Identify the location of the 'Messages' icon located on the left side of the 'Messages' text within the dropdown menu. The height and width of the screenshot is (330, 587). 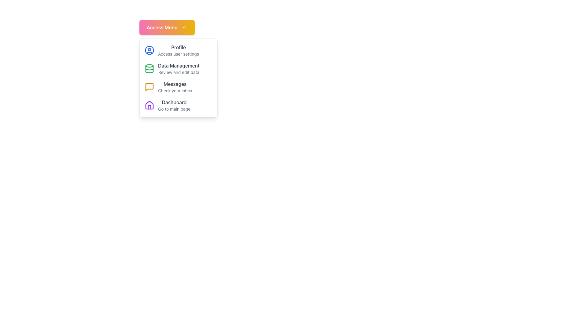
(150, 87).